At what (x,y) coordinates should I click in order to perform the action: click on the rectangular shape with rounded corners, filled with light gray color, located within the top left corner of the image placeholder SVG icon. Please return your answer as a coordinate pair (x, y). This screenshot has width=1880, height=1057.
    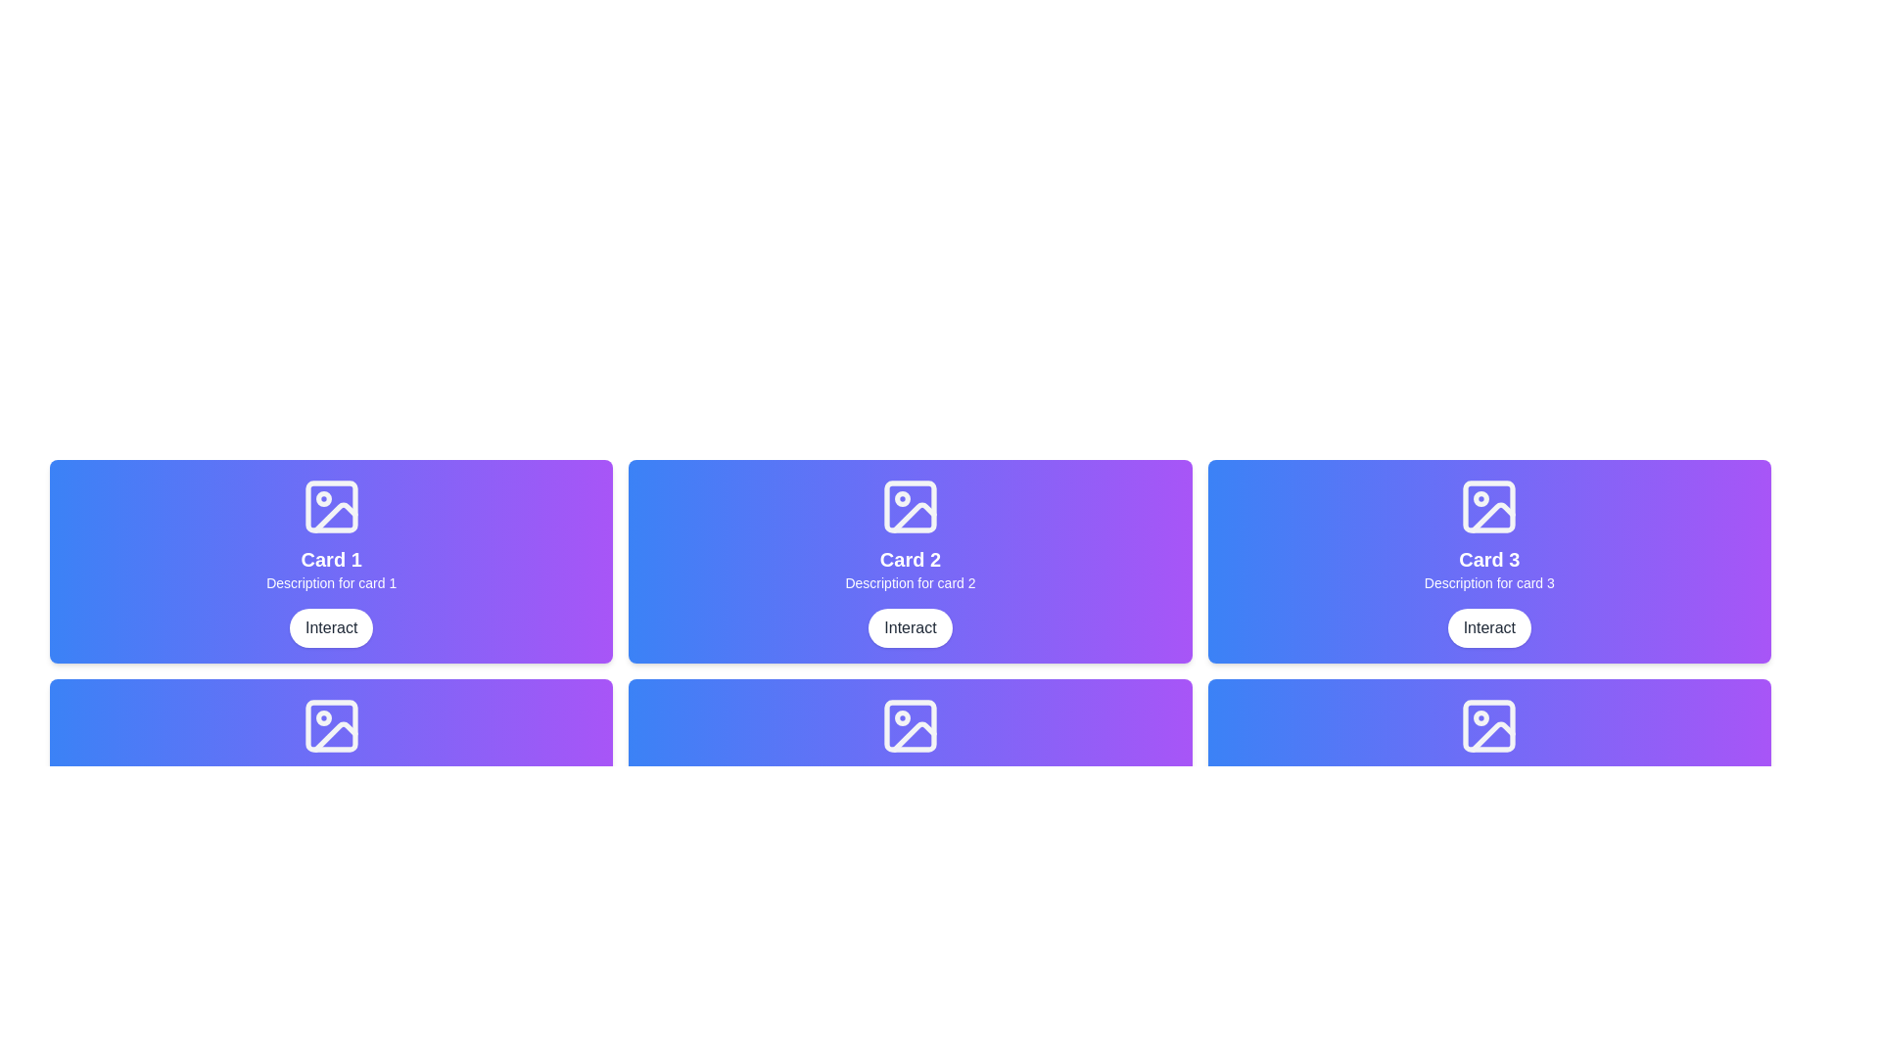
    Looking at the image, I should click on (910, 725).